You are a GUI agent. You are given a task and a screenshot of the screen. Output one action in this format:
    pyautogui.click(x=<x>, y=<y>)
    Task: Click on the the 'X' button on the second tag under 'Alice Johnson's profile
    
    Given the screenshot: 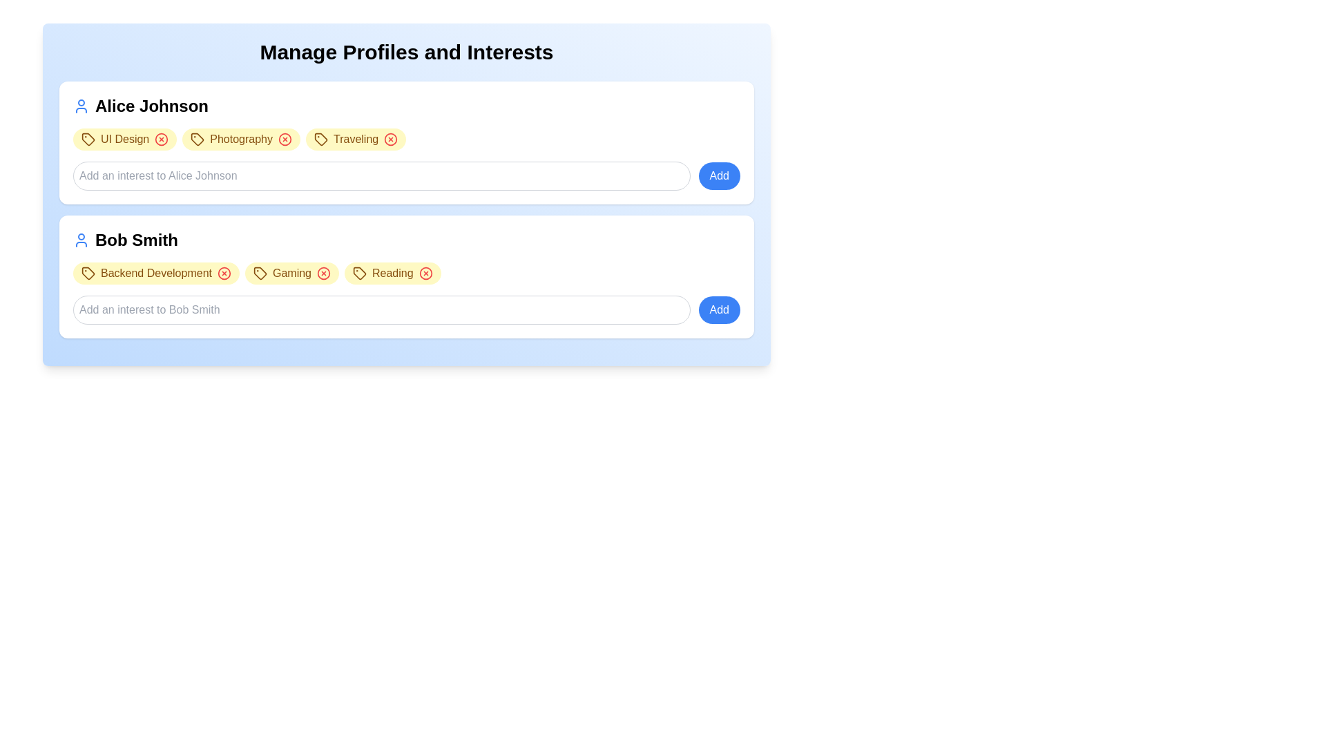 What is the action you would take?
    pyautogui.click(x=241, y=139)
    